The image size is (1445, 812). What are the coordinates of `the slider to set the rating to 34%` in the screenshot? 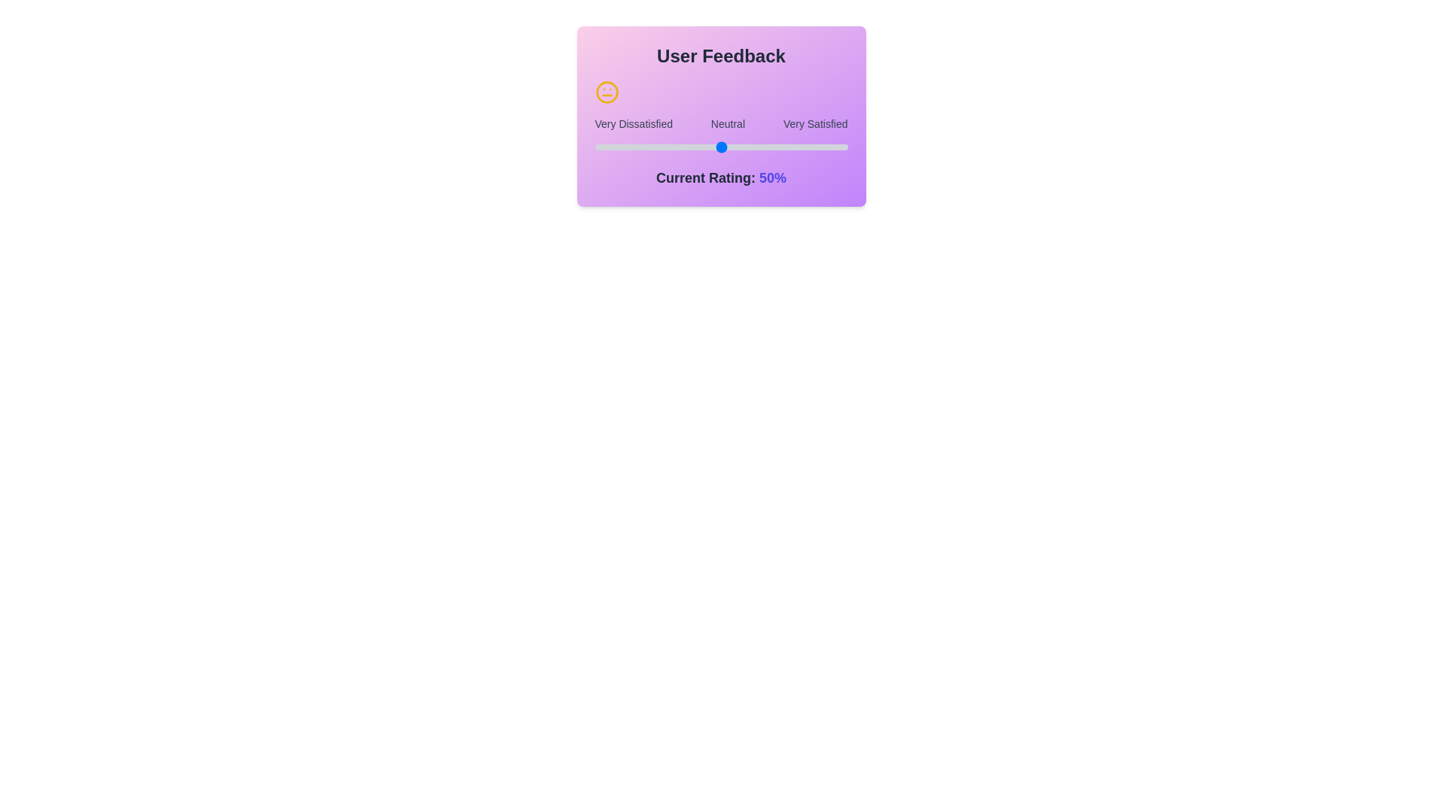 It's located at (594, 147).